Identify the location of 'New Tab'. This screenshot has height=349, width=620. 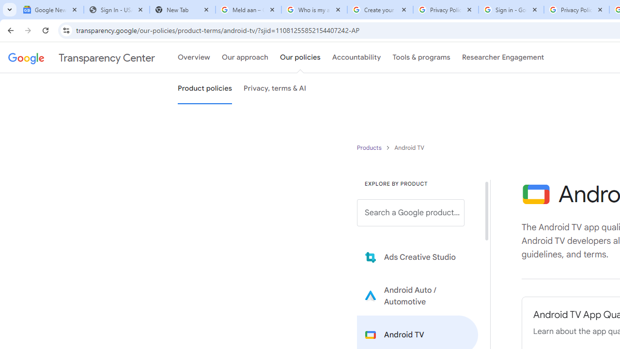
(182, 10).